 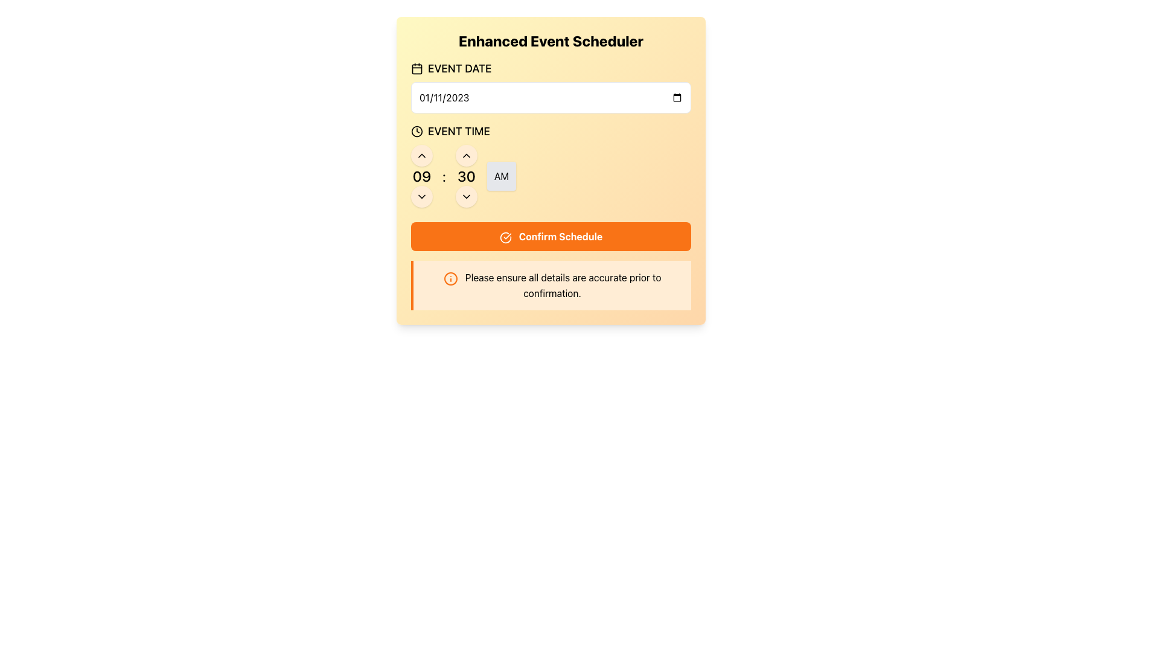 I want to click on the downward-facing chevron icon located within a circular button with a light orange background in the 'EVENT TIME' section, so click(x=422, y=196).